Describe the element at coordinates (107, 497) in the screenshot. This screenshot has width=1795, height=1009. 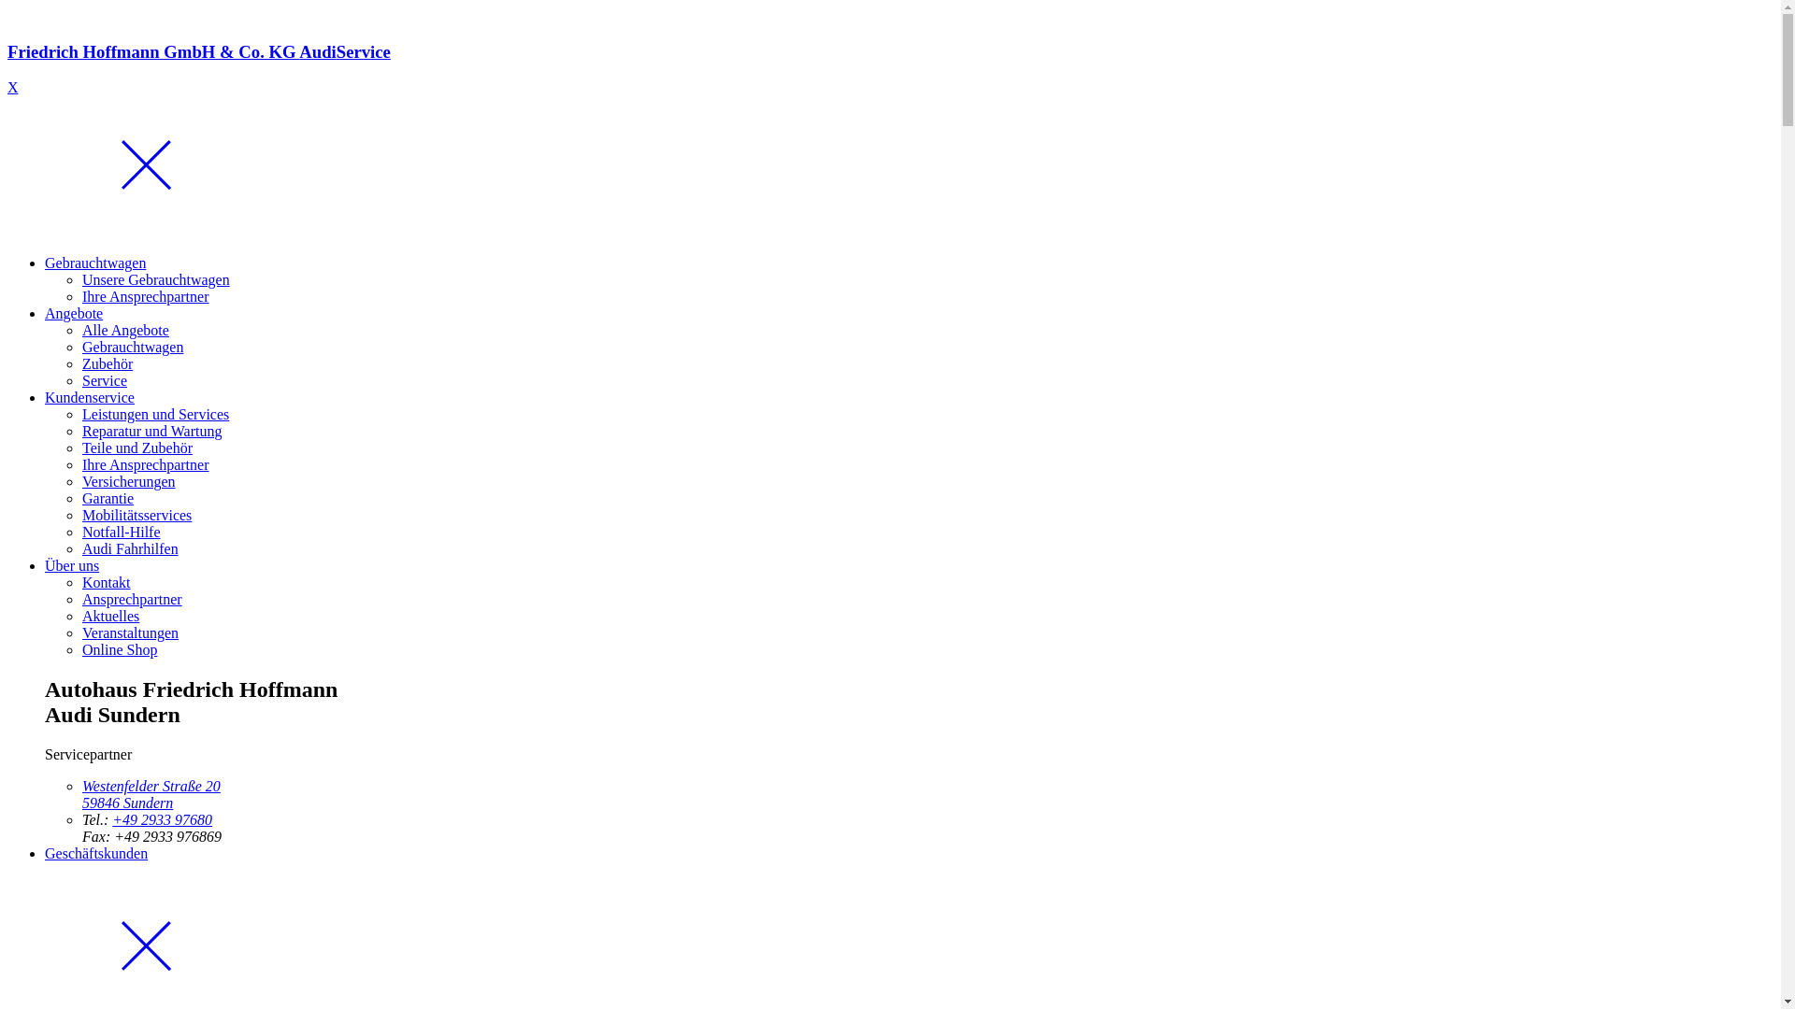
I see `'Garantie'` at that location.